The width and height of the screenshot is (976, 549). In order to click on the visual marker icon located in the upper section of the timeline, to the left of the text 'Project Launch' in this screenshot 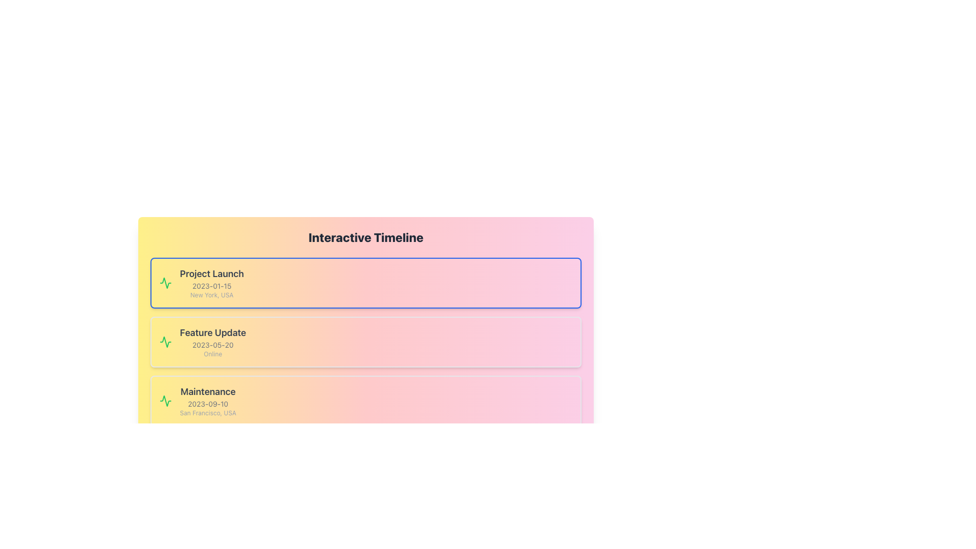, I will do `click(166, 342)`.